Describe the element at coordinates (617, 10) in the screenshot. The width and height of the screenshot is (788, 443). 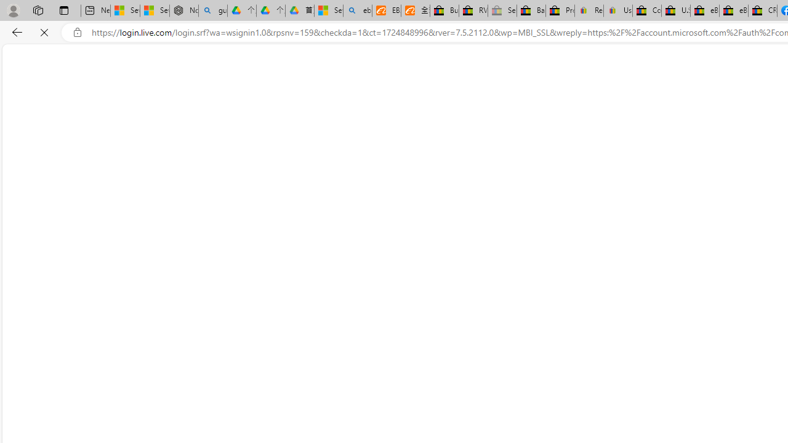
I see `'User Privacy Notice | eBay'` at that location.